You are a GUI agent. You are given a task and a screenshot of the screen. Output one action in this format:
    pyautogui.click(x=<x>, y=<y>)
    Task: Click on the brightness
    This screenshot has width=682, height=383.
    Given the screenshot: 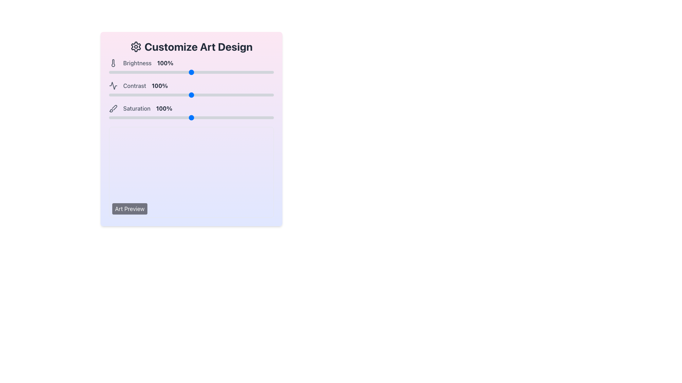 What is the action you would take?
    pyautogui.click(x=115, y=72)
    